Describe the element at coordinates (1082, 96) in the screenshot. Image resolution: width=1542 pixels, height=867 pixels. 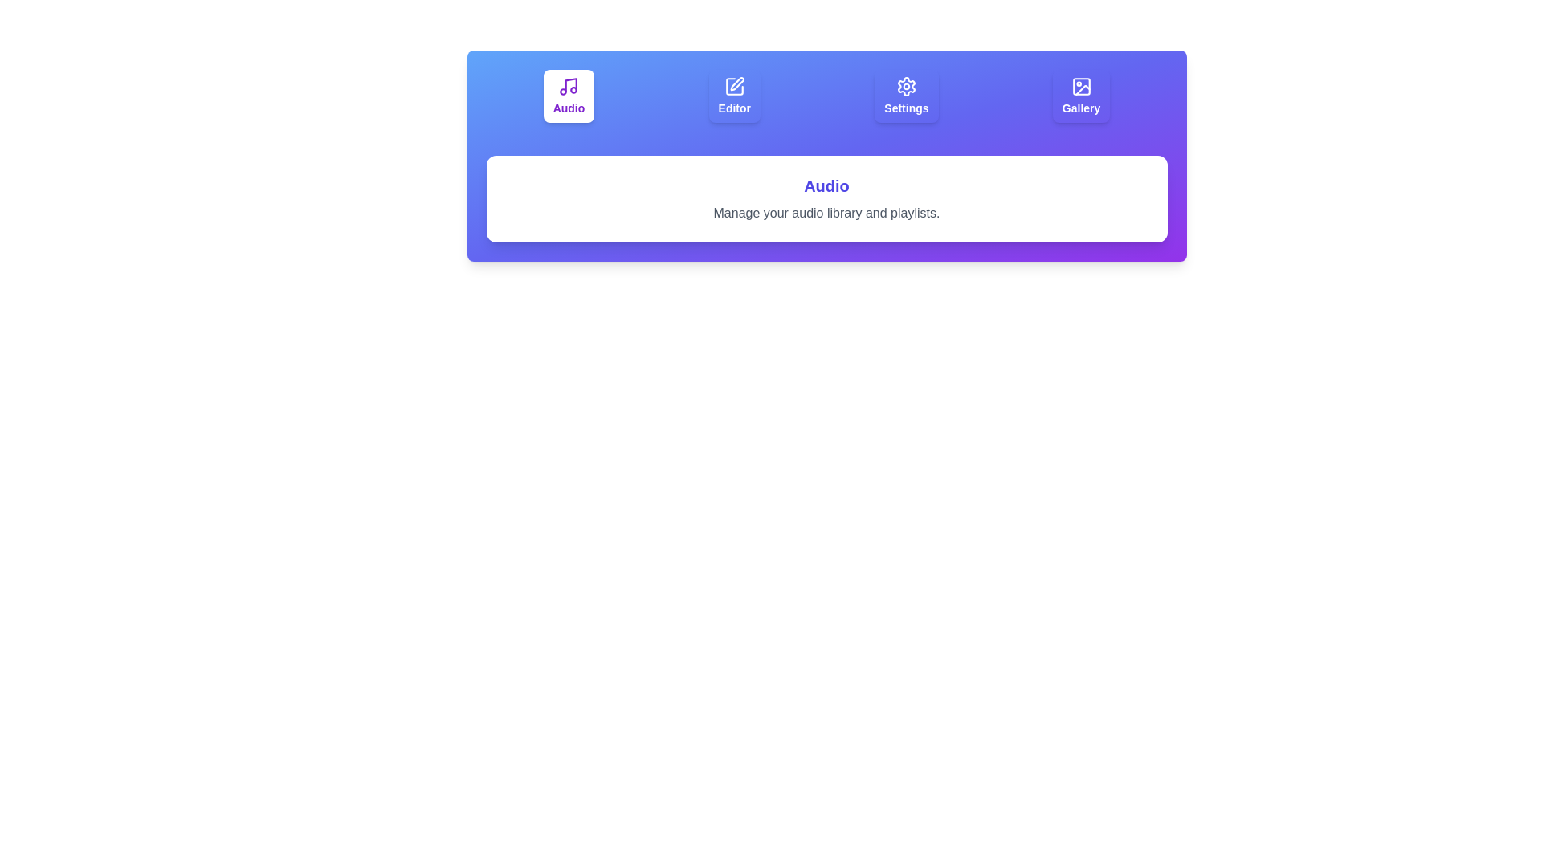
I see `the tab labeled Gallery to observe its hover effect` at that location.